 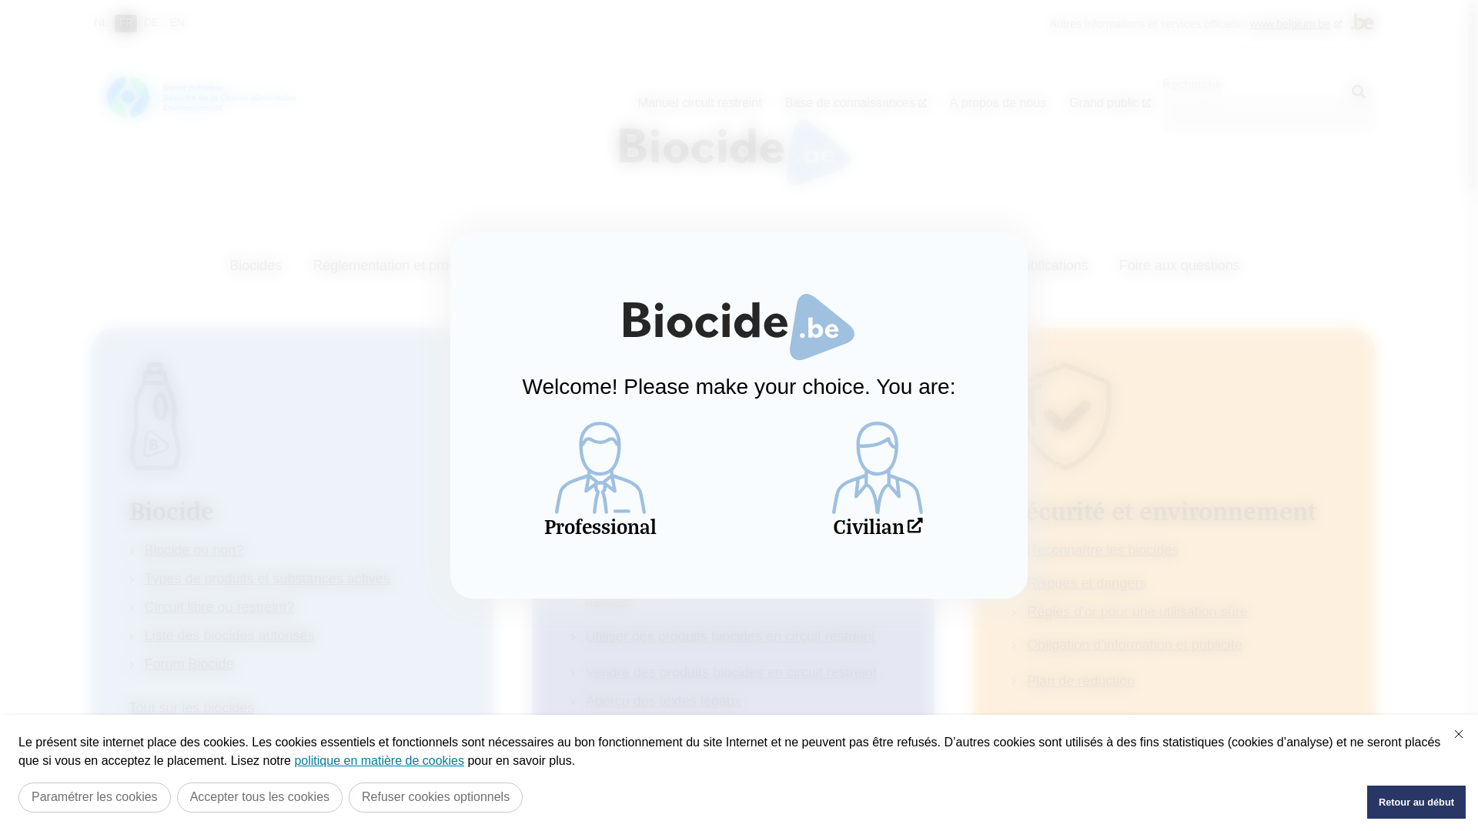 I want to click on 'Publications', so click(x=1013, y=269).